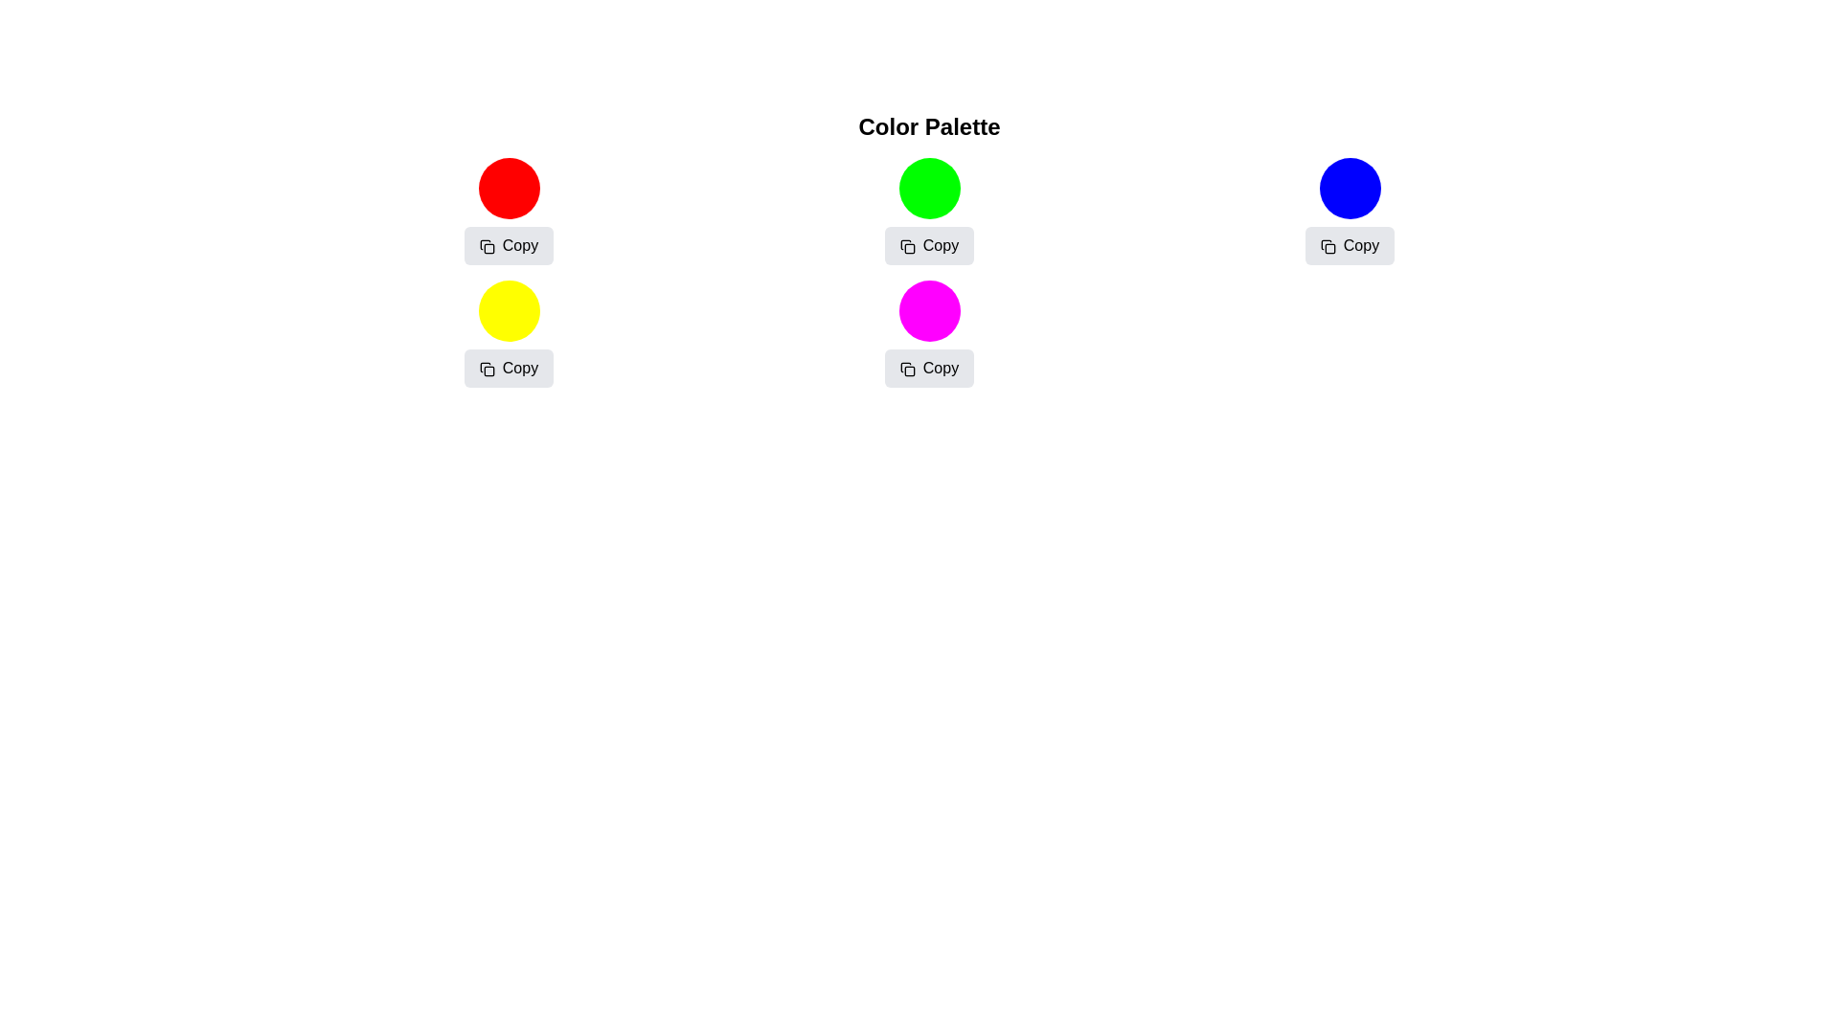 This screenshot has width=1839, height=1034. I want to click on the blue circular component located in the rightmost column above the gray 'Copy' button, so click(1349, 188).